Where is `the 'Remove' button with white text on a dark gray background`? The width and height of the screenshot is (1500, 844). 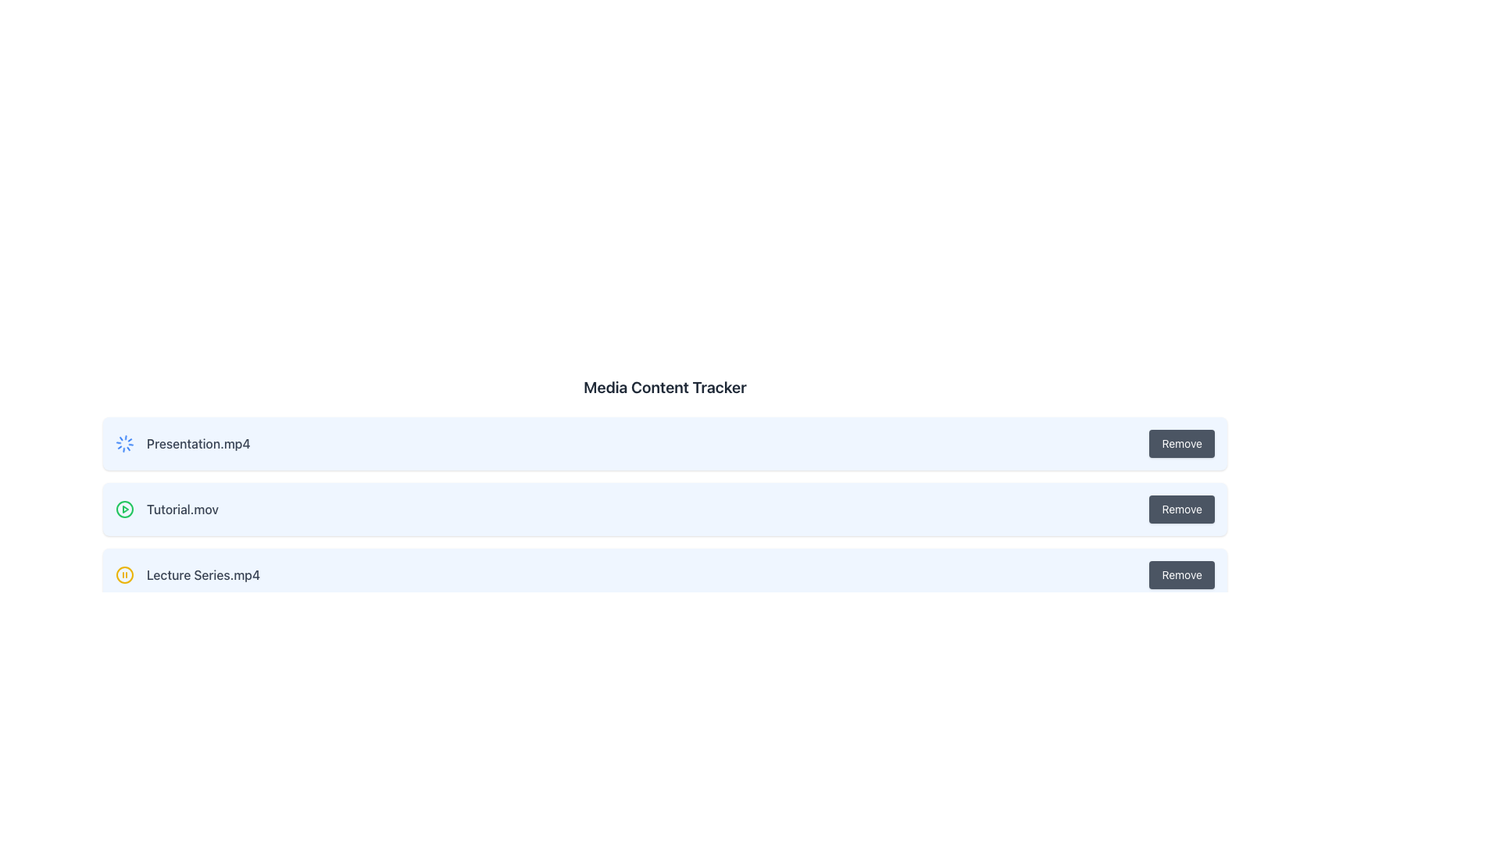 the 'Remove' button with white text on a dark gray background is located at coordinates (1182, 509).